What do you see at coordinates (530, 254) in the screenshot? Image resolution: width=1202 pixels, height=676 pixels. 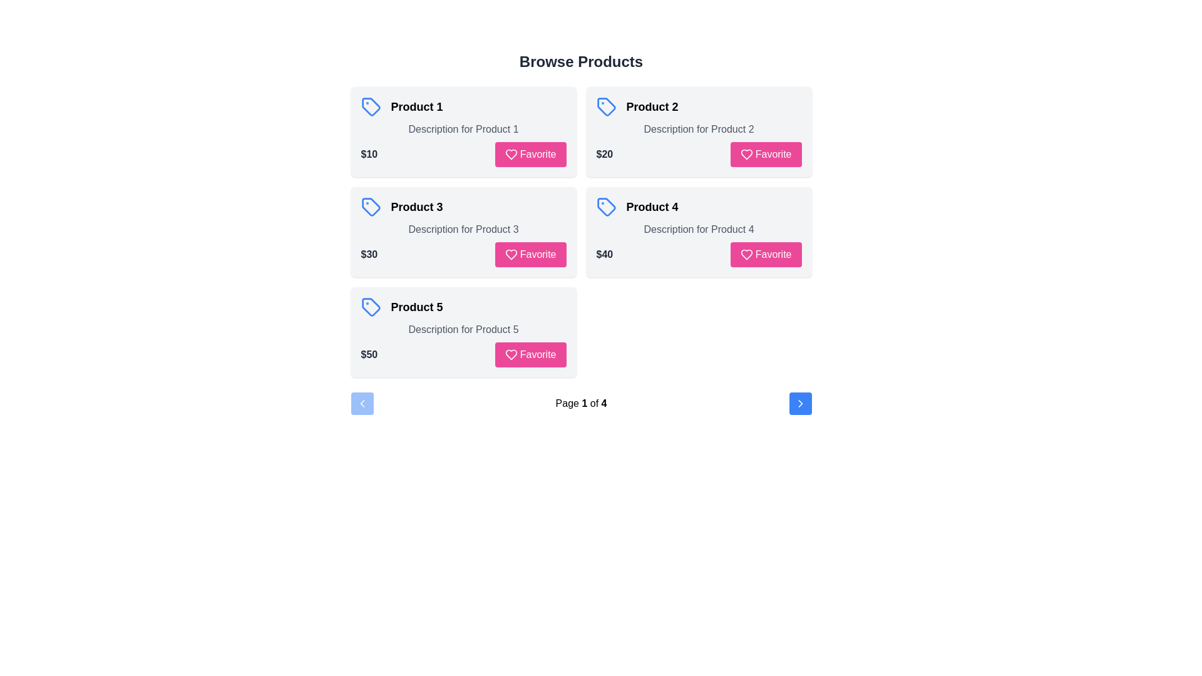 I see `the favorite button located at the bottom-right corner of 'Product 3' card, below its price ('$30')` at bounding box center [530, 254].